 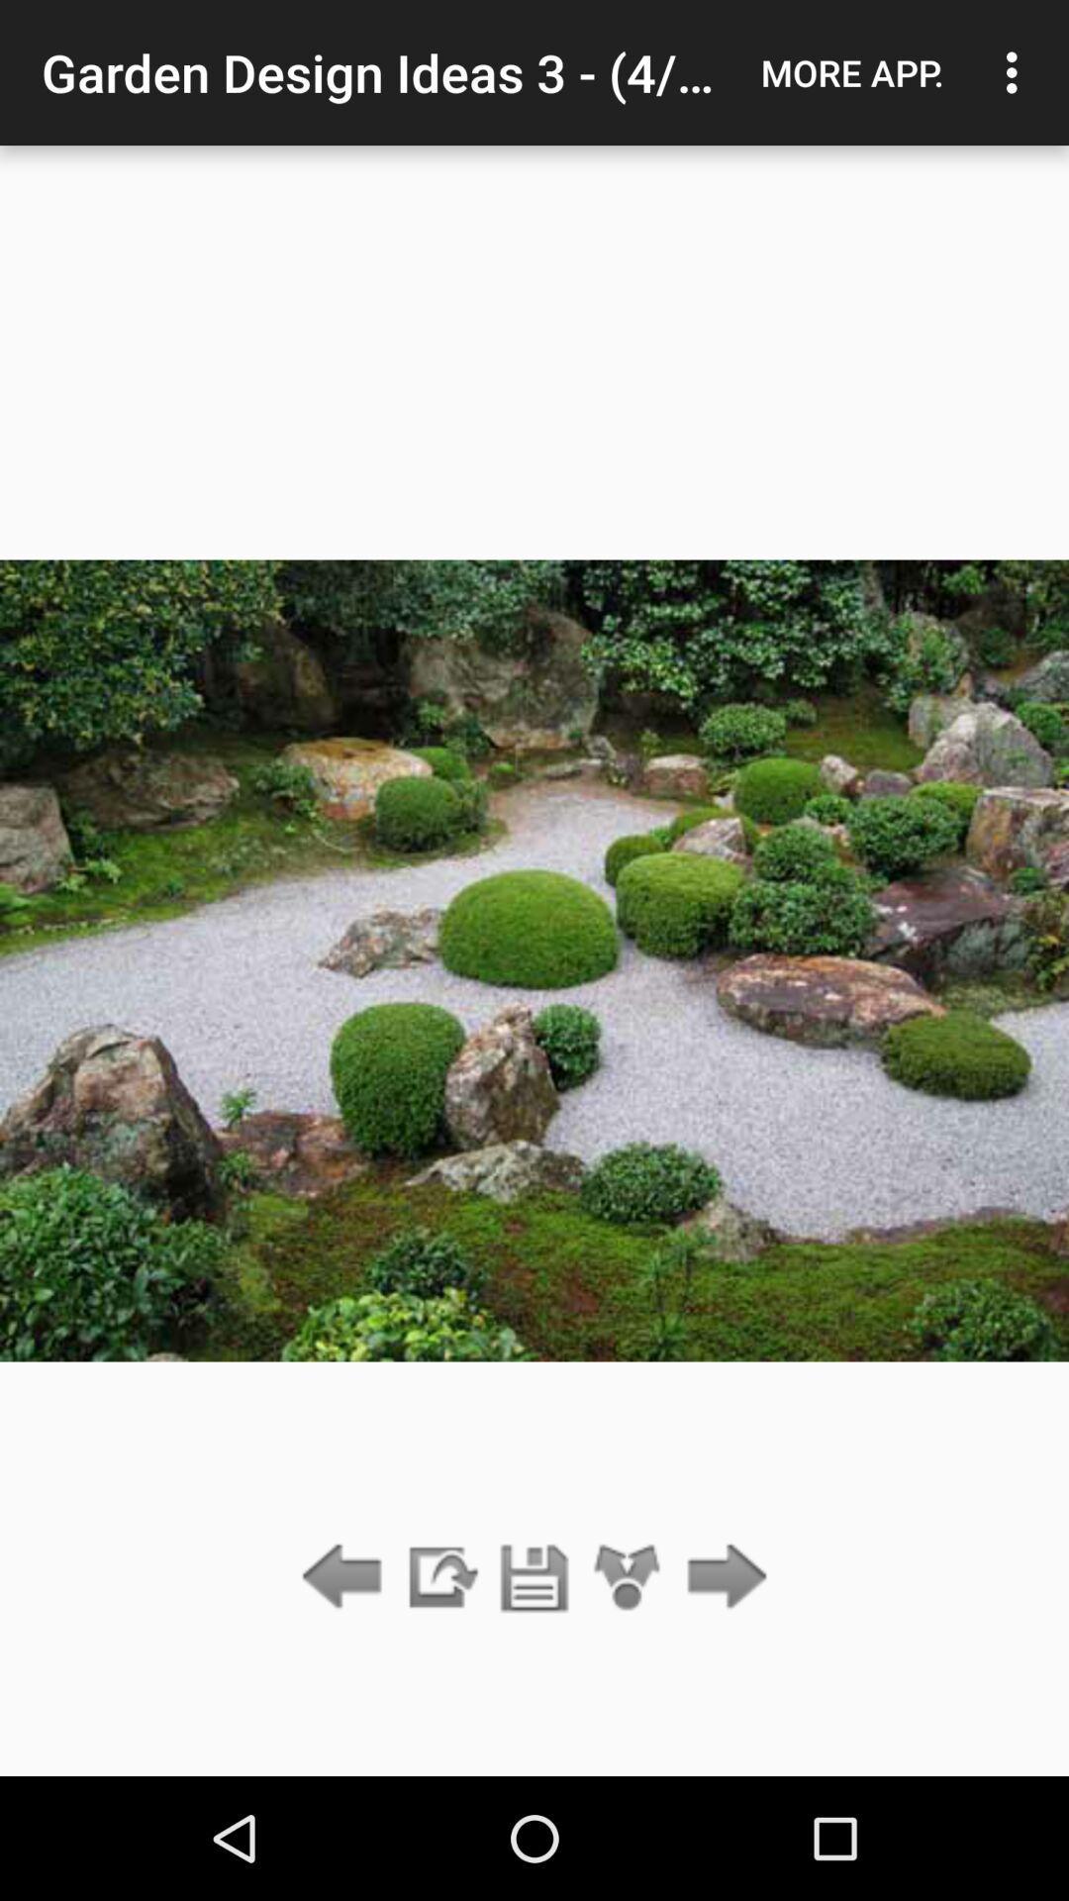 What do you see at coordinates (1017, 72) in the screenshot?
I see `the item next to the more app. item` at bounding box center [1017, 72].